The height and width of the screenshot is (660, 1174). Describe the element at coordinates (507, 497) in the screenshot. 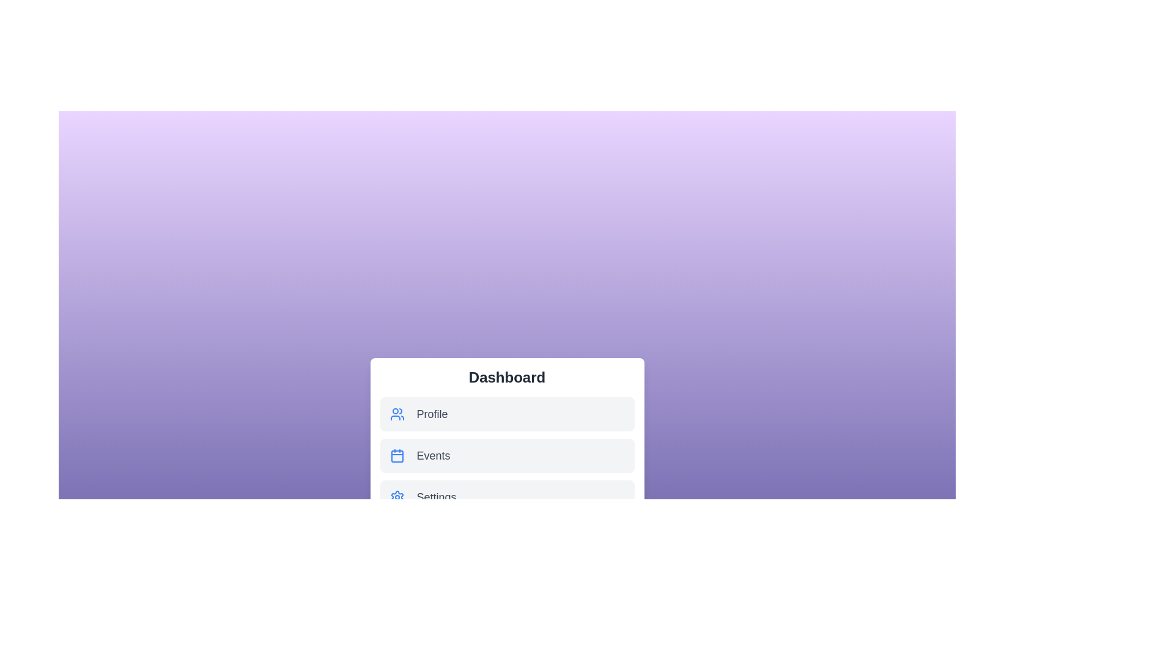

I see `keyboard navigation` at that location.